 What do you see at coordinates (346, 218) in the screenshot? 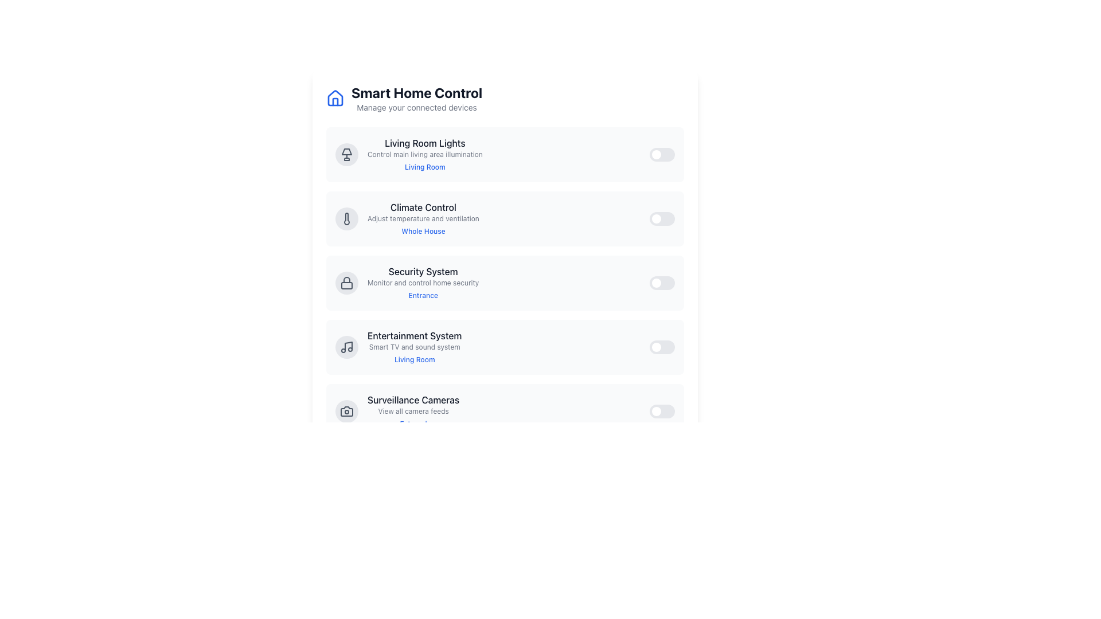
I see `the vertical, red thermometer-like icon in the Climate Control section of the smart home interface` at bounding box center [346, 218].